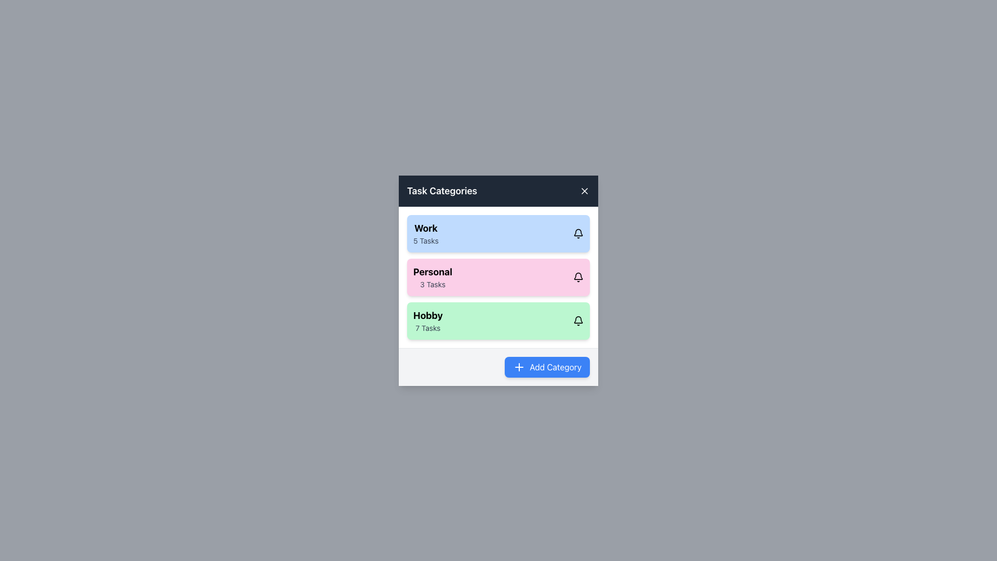  I want to click on the 'Work' category text display, which is the topmost item in a list of three categories, so click(426, 233).